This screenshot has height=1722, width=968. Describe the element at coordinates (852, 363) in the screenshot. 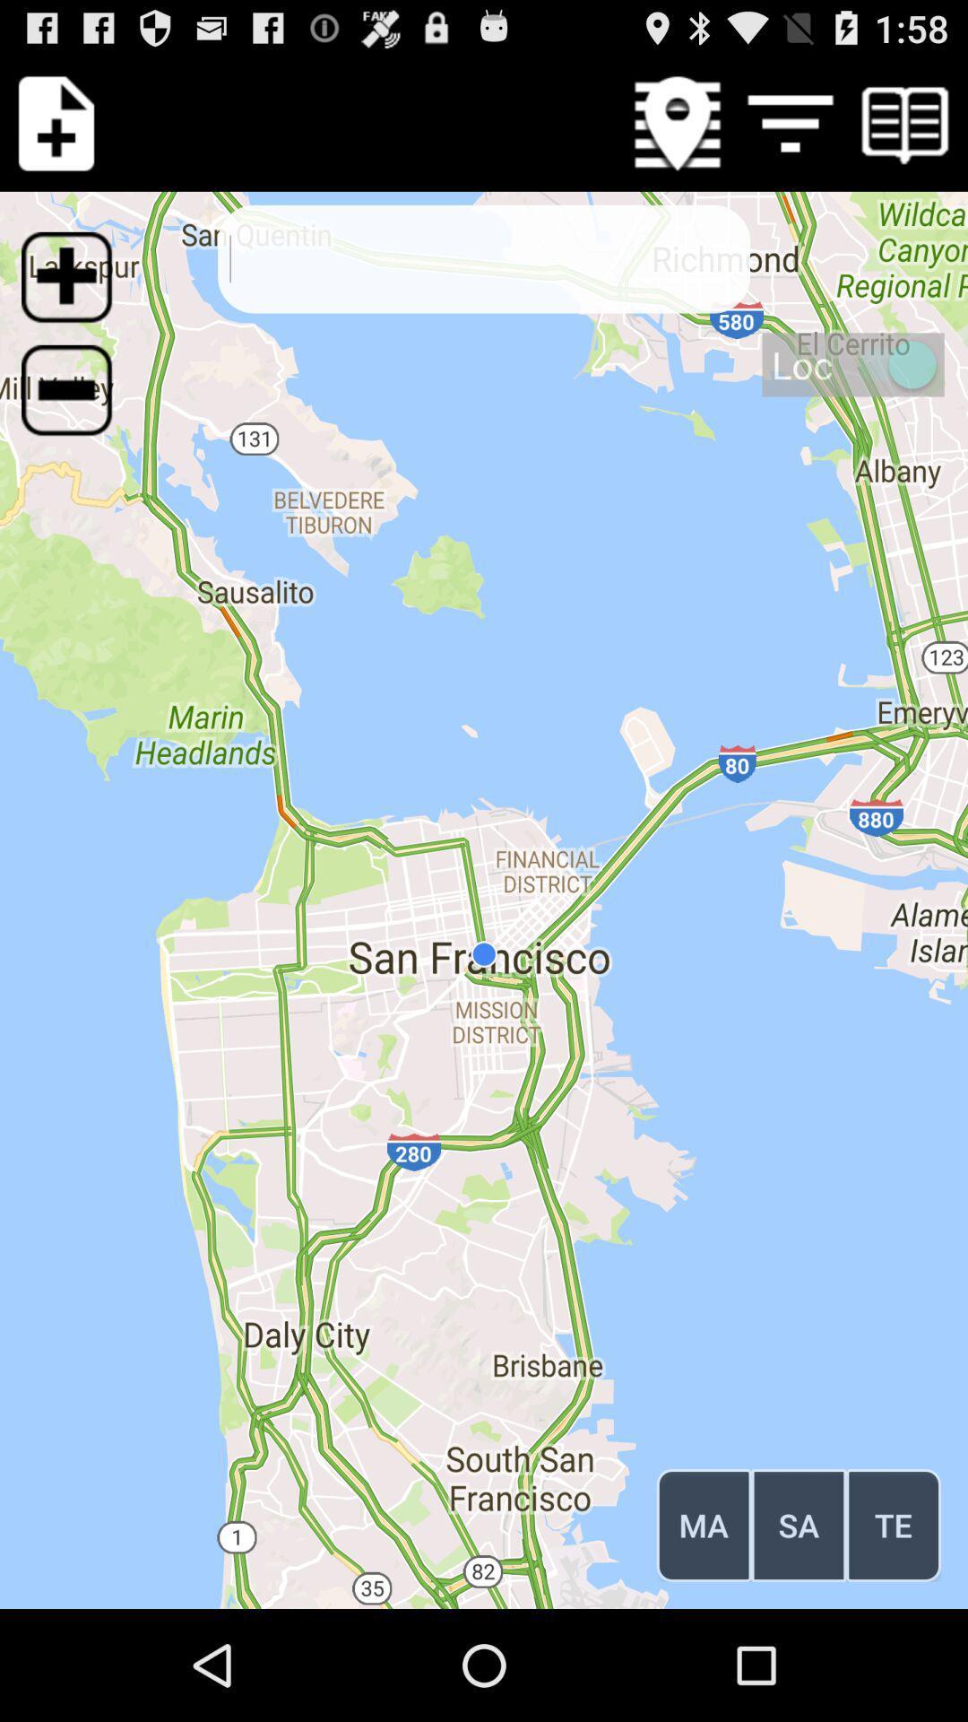

I see `loc` at that location.